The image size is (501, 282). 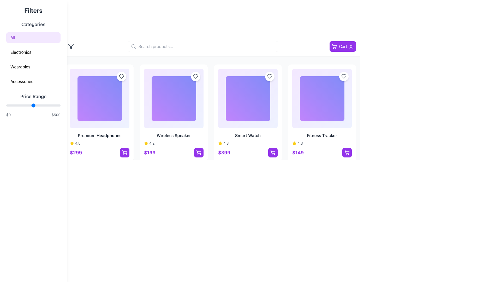 I want to click on the circular button containing a heart-shaped icon in the top-right corner of the 'Premium Headphones' product card to activate the hover effect, so click(x=121, y=77).